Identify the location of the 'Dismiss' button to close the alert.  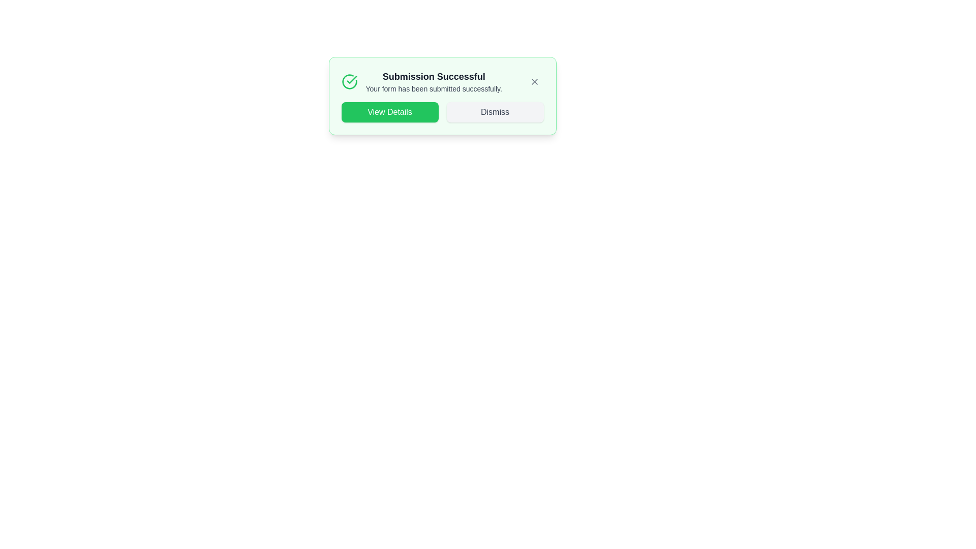
(495, 112).